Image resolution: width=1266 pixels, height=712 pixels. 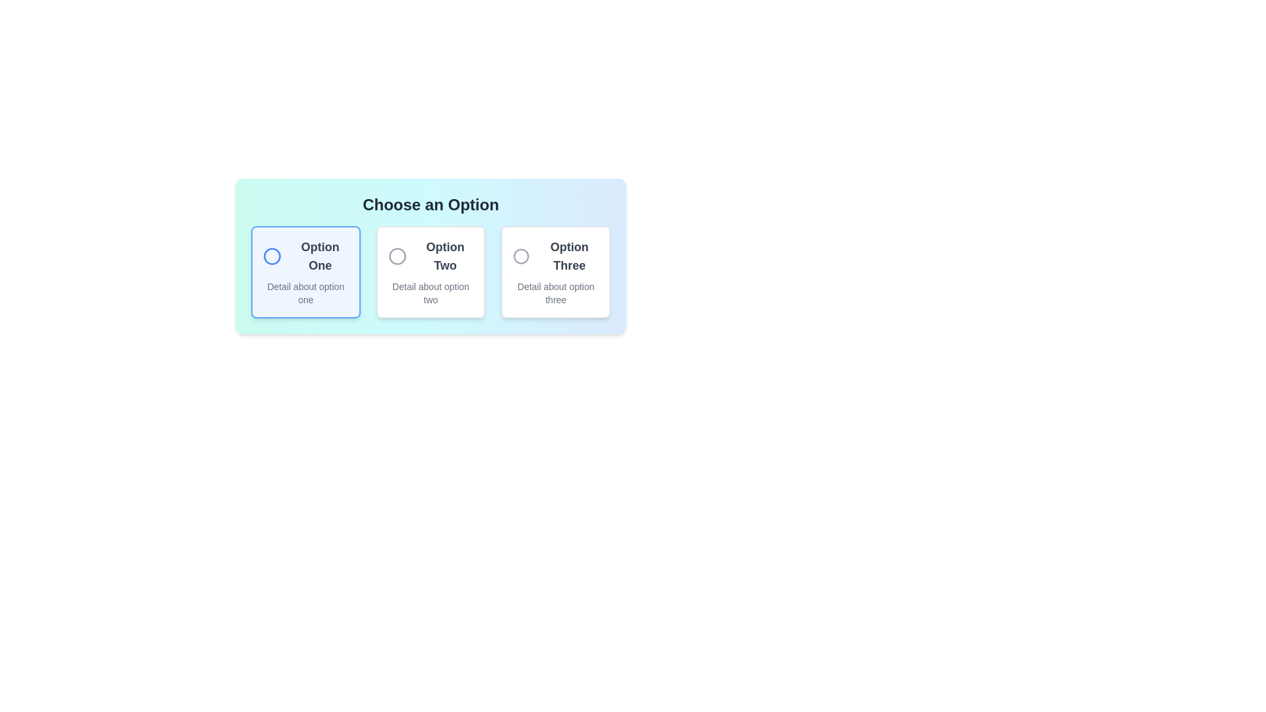 I want to click on the interactive radio button for 'Option Two', so click(x=396, y=256).